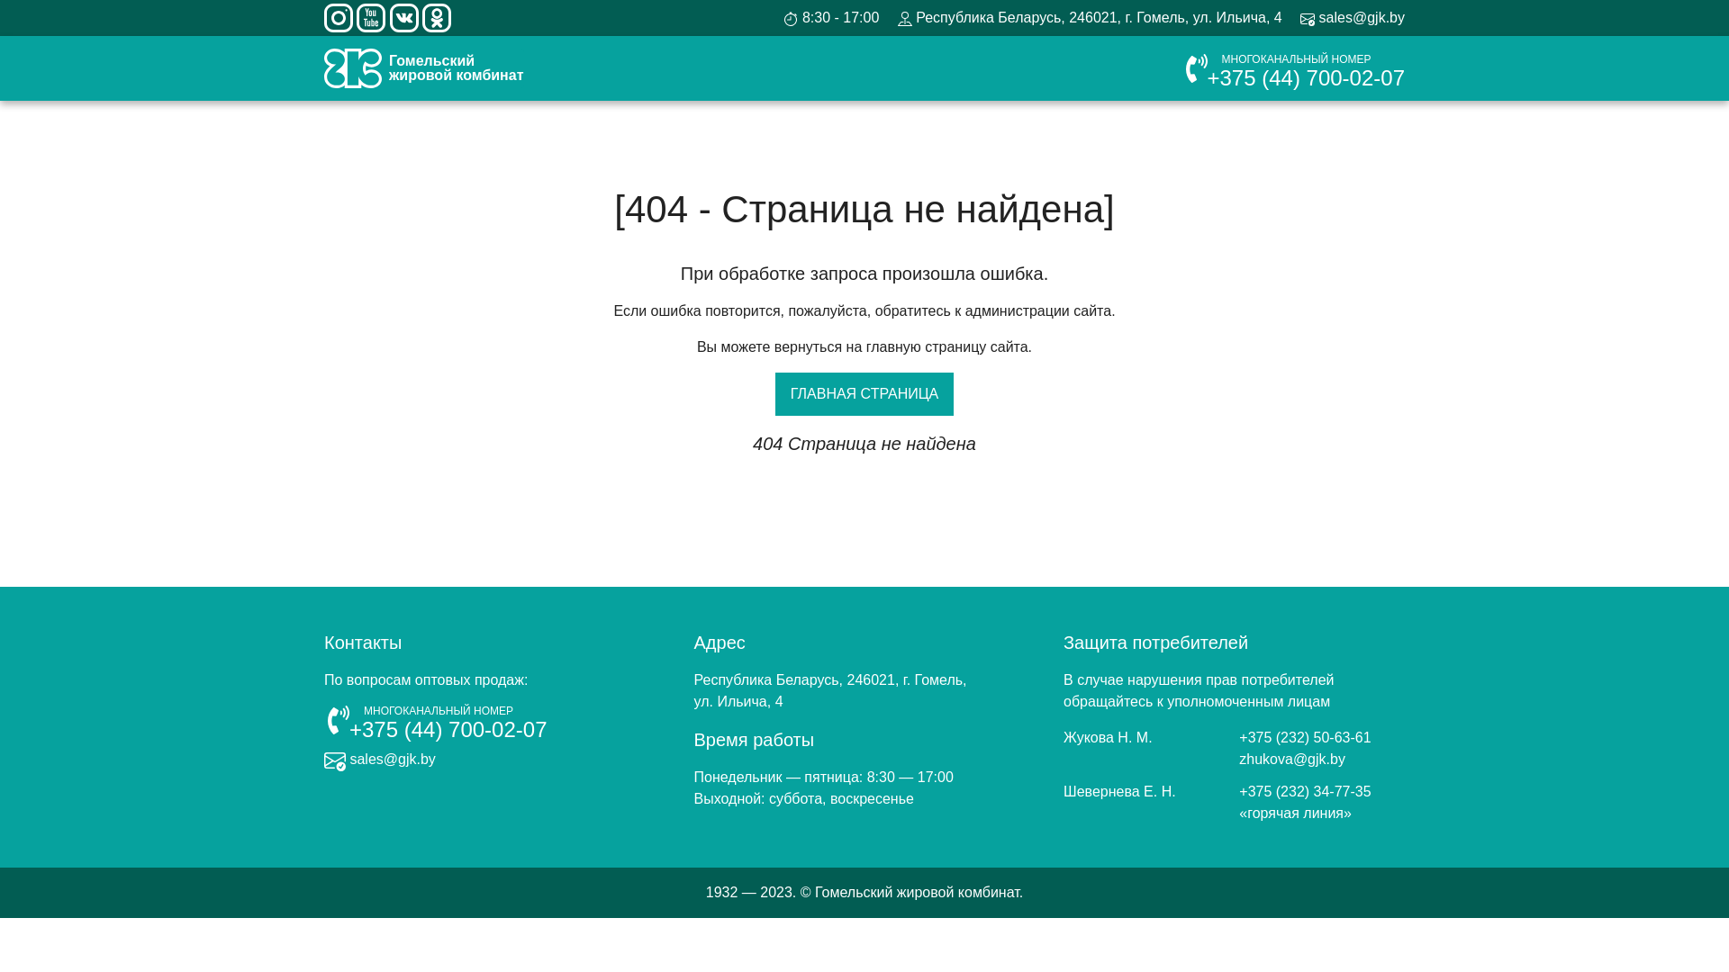 Image resolution: width=1729 pixels, height=972 pixels. I want to click on 'sales@gjk.by', so click(379, 759).